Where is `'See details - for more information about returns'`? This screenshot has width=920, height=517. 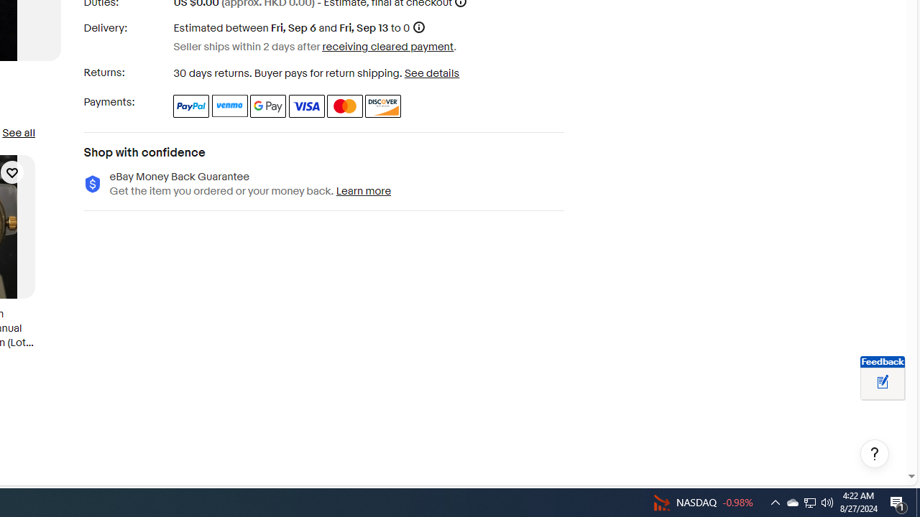 'See details - for more information about returns' is located at coordinates (431, 73).